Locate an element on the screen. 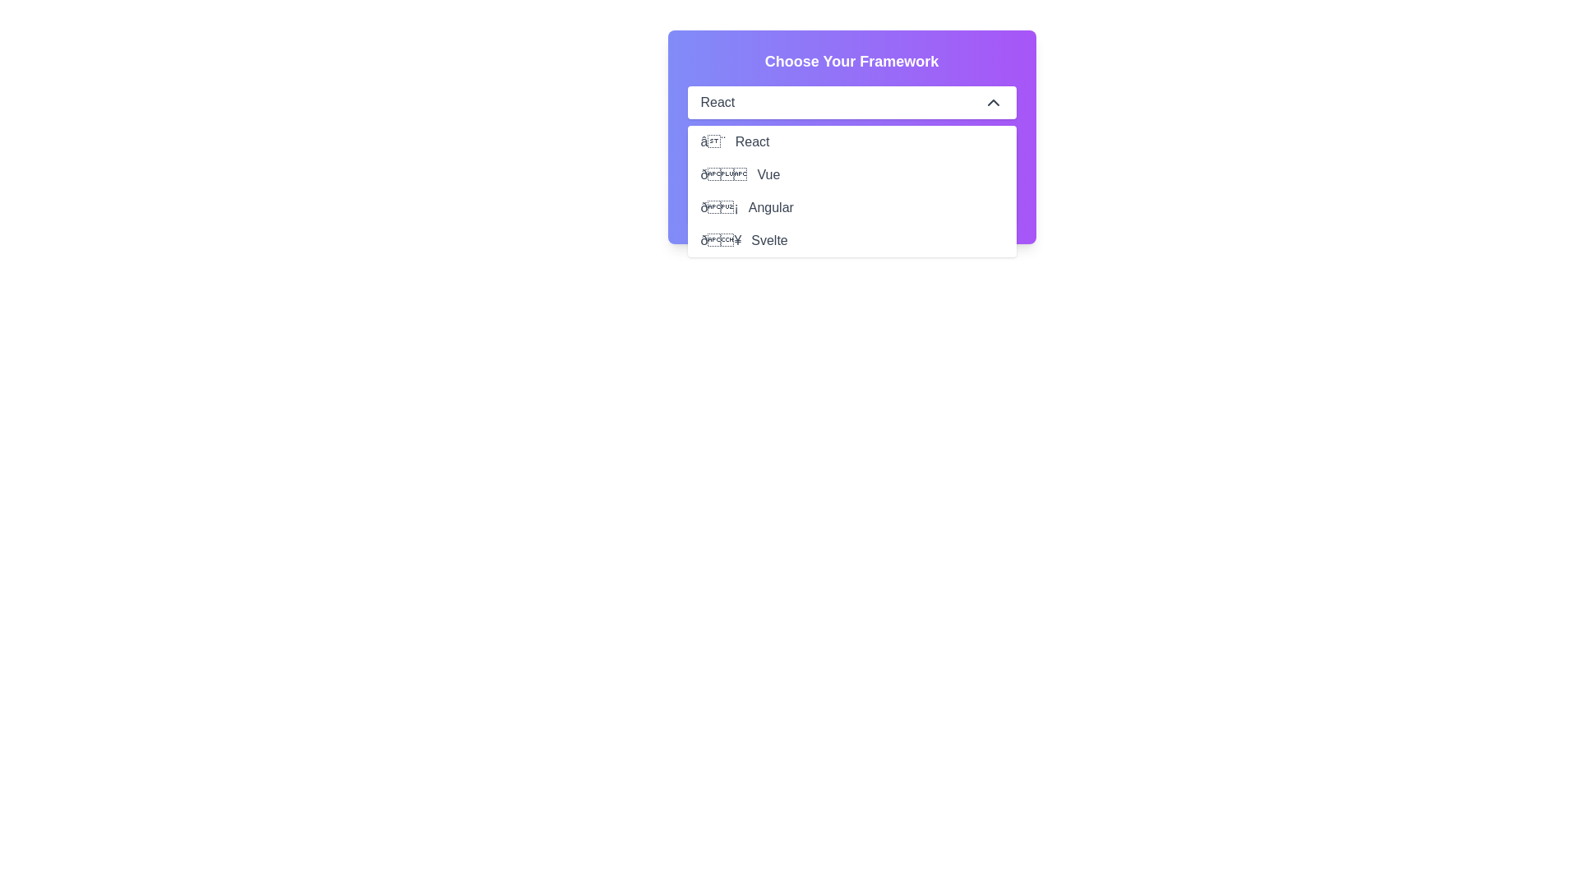 The height and width of the screenshot is (888, 1578). the chevron/arrow icon located at the far right of the dropdown menu header is located at coordinates (992, 102).